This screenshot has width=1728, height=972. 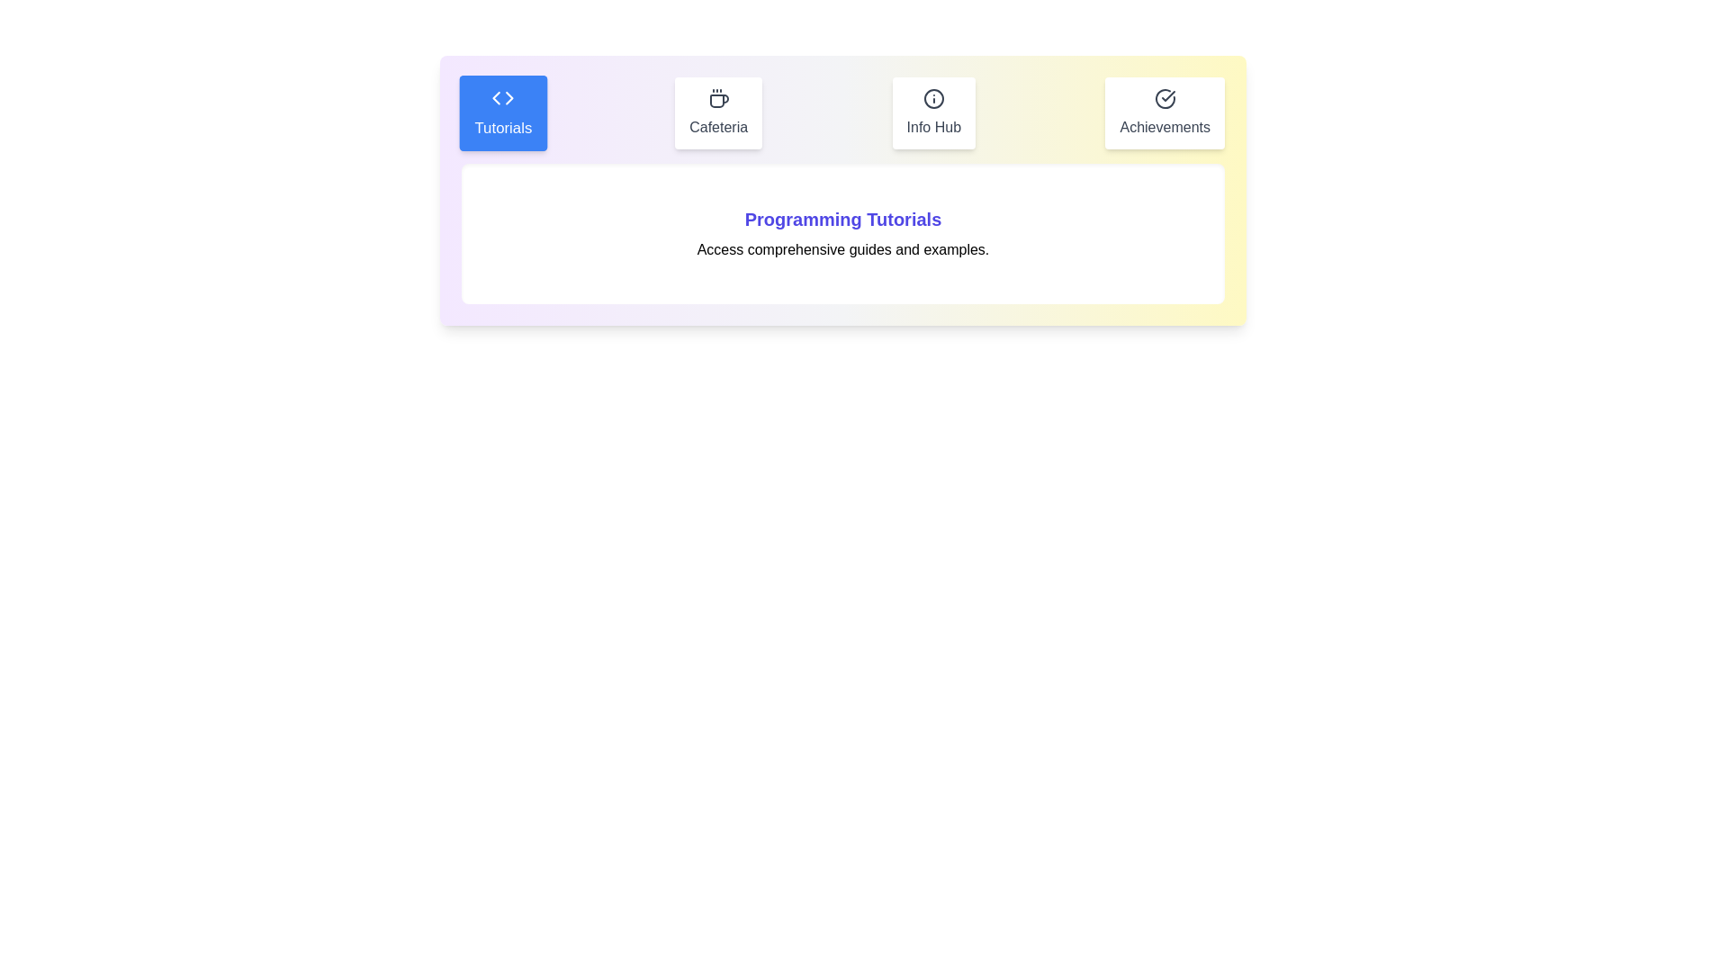 I want to click on the tab labeled Tutorials, so click(x=503, y=113).